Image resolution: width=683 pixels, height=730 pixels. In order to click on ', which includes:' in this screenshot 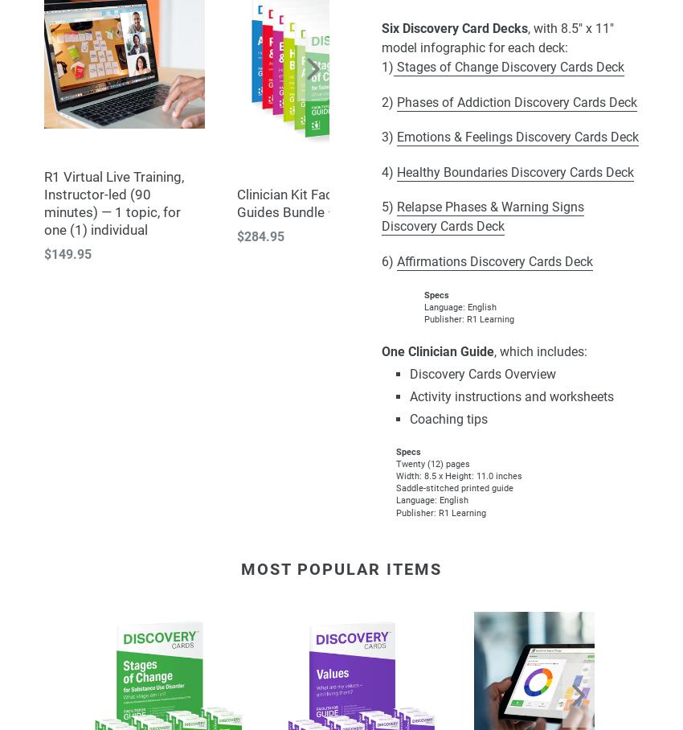, I will do `click(541, 351)`.